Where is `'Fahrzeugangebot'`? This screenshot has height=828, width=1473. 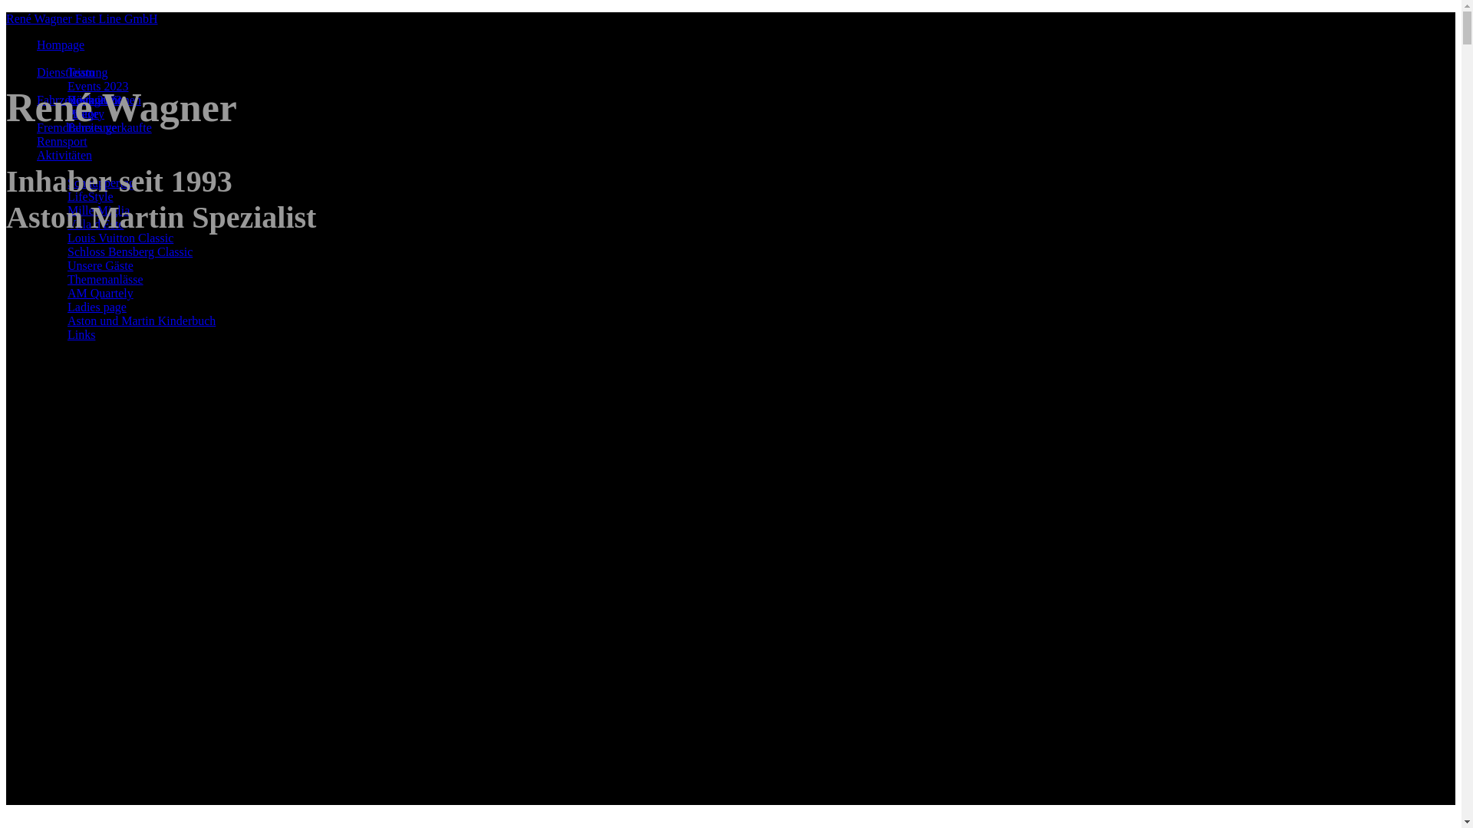
'Fahrzeugangebot' is located at coordinates (77, 100).